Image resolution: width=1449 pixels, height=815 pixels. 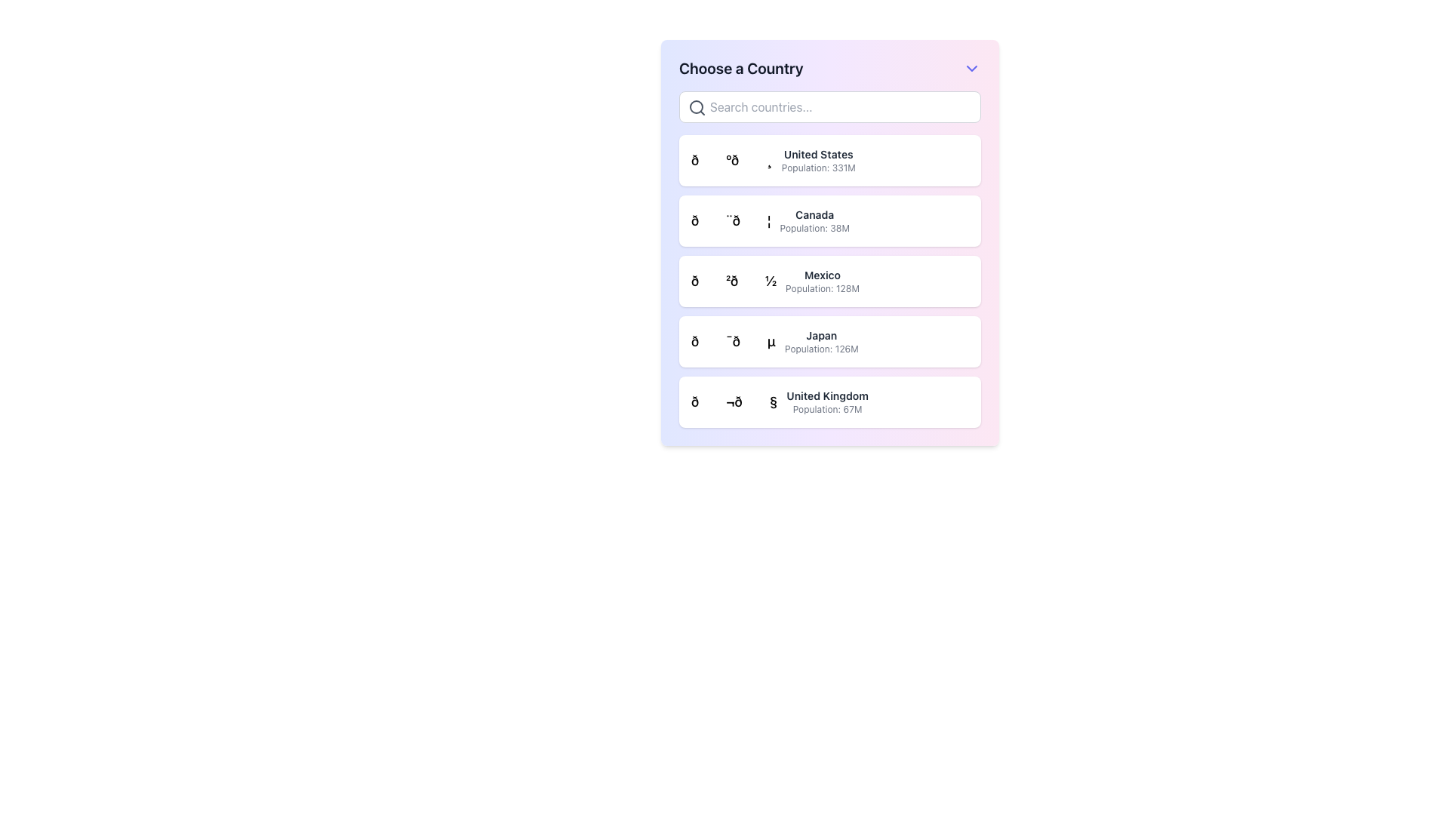 I want to click on the 'United States' text label, which is a bold, small font in dark gray, located above the 'Population: 331M' text in a vertical list of country names, so click(x=817, y=154).